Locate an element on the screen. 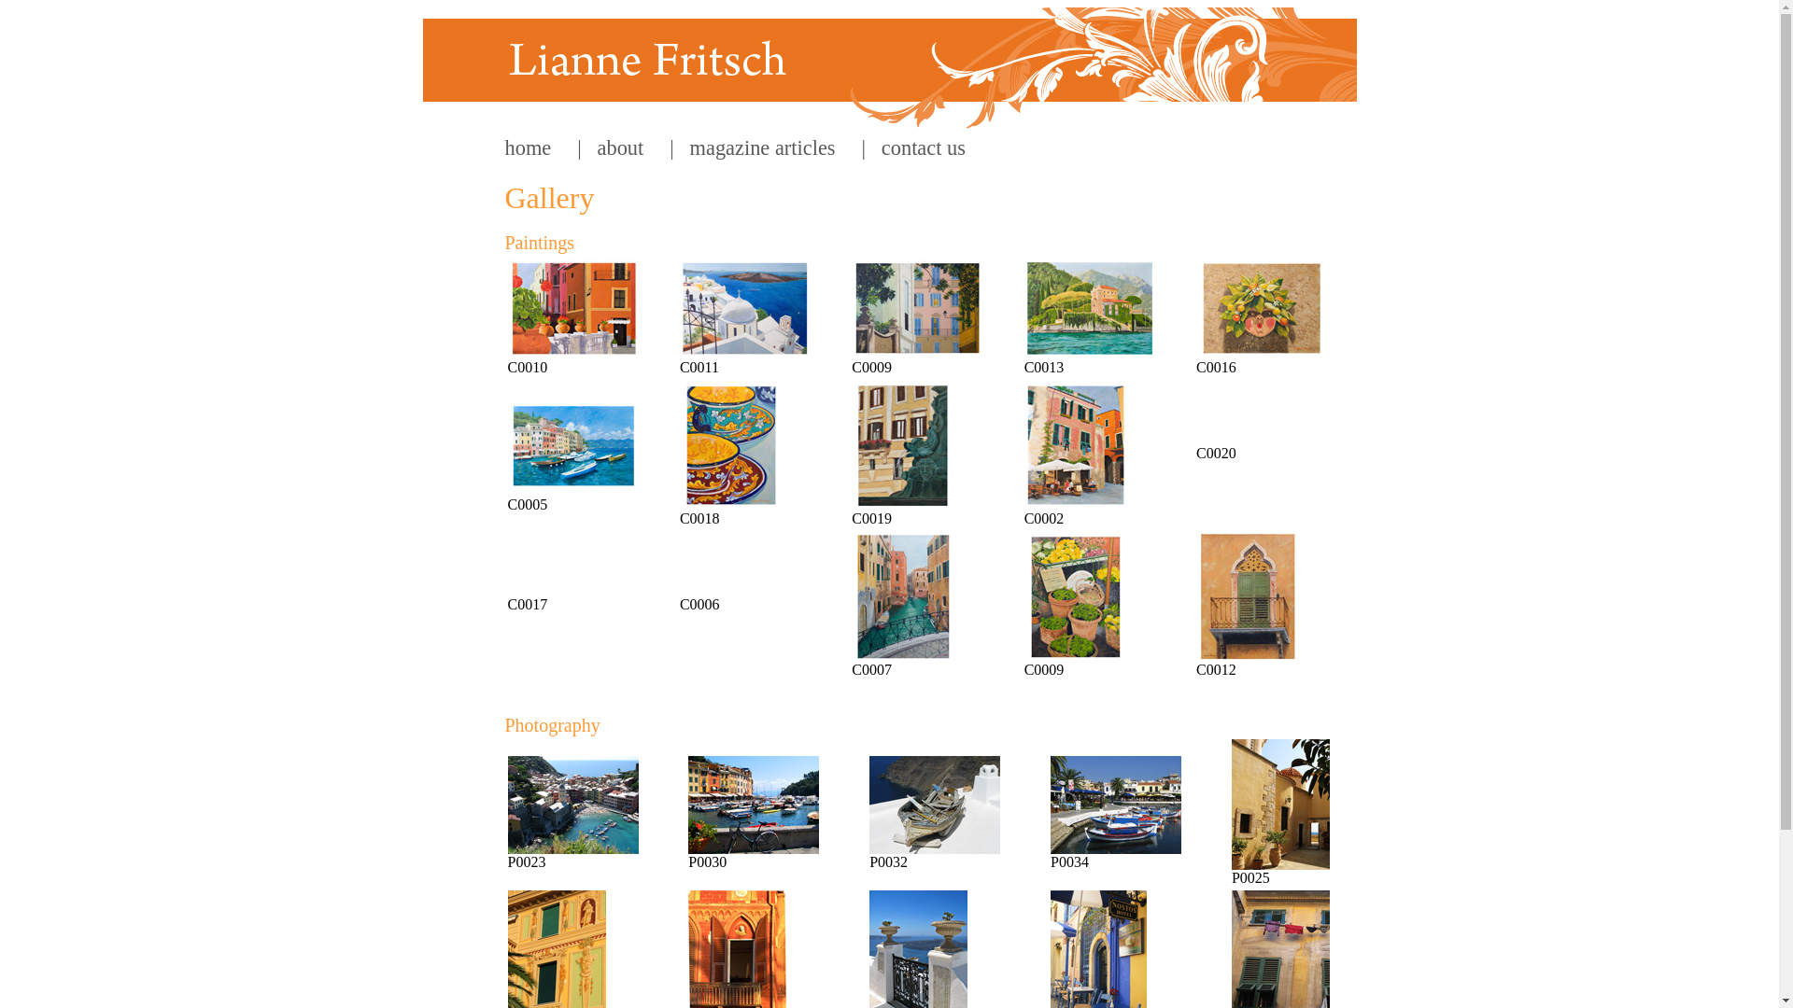  '   contact us' is located at coordinates (915, 147).